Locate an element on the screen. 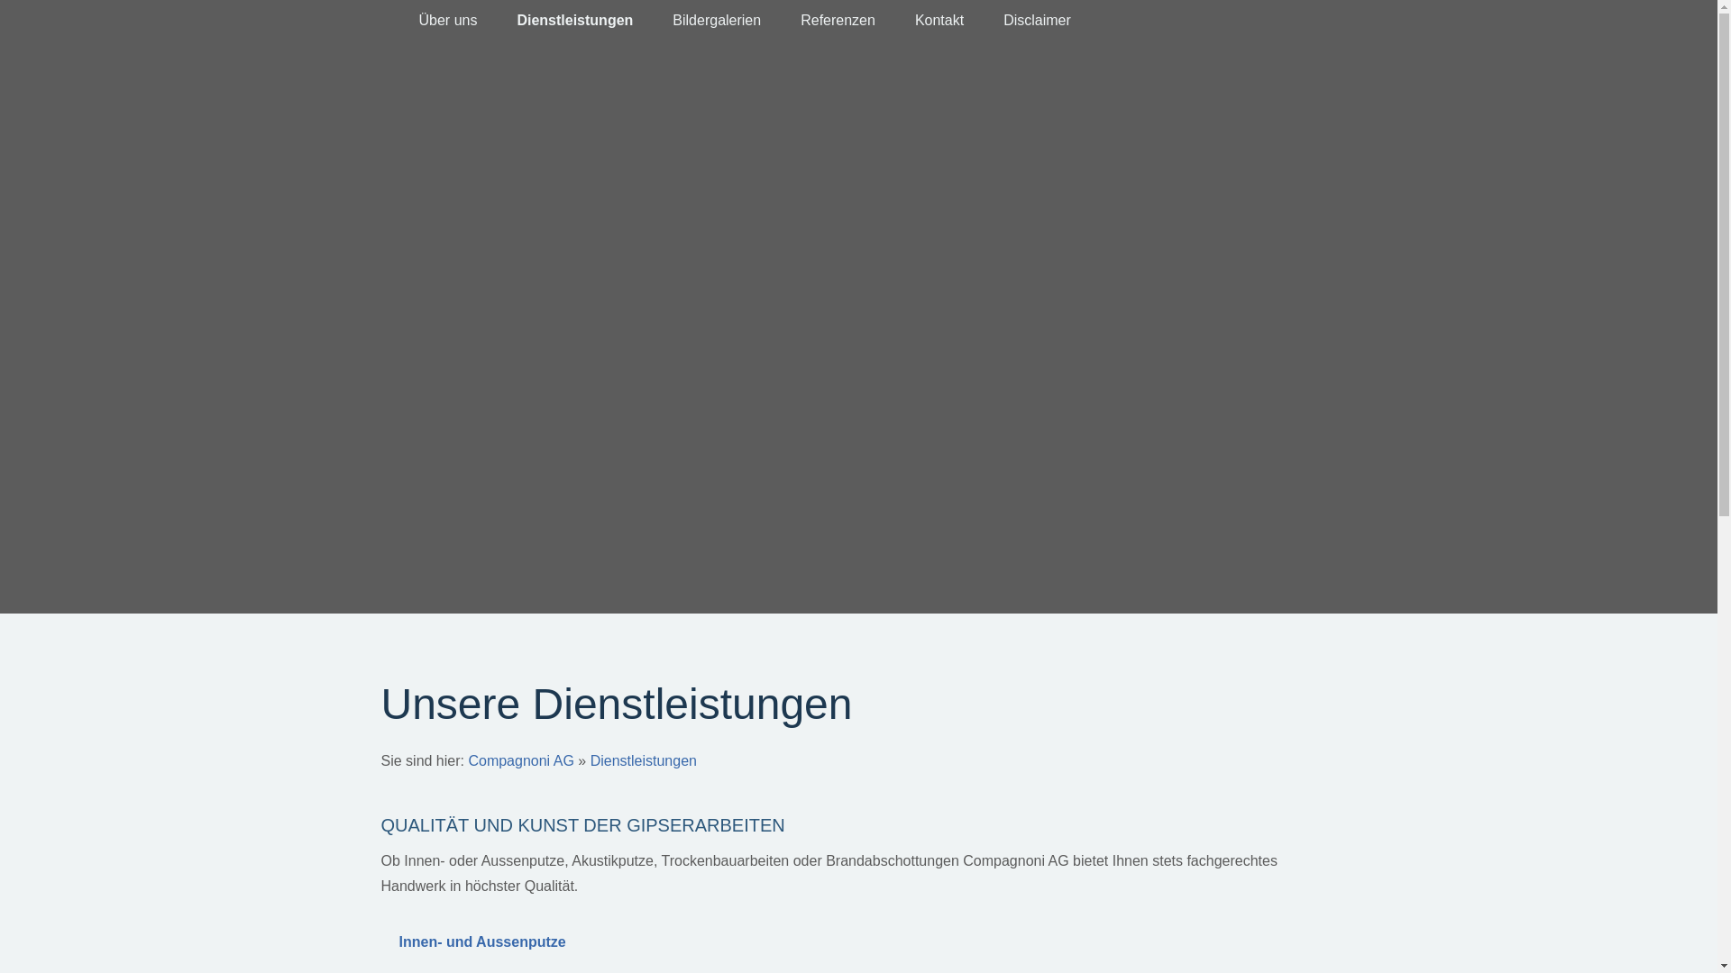 This screenshot has width=1731, height=973. 'Disclaimer' is located at coordinates (1037, 21).